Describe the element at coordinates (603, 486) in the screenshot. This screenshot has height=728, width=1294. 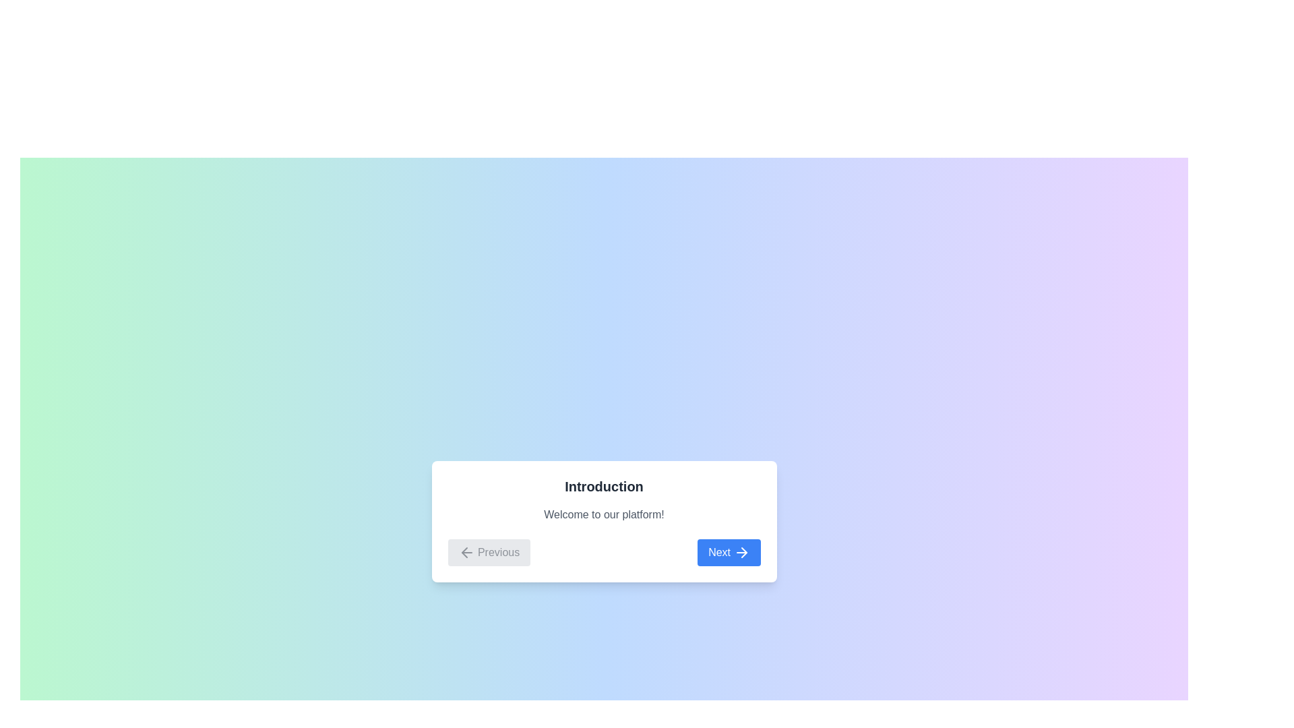
I see `title text element located at the upper-center area of the layout, which serves as a headline for the section` at that location.